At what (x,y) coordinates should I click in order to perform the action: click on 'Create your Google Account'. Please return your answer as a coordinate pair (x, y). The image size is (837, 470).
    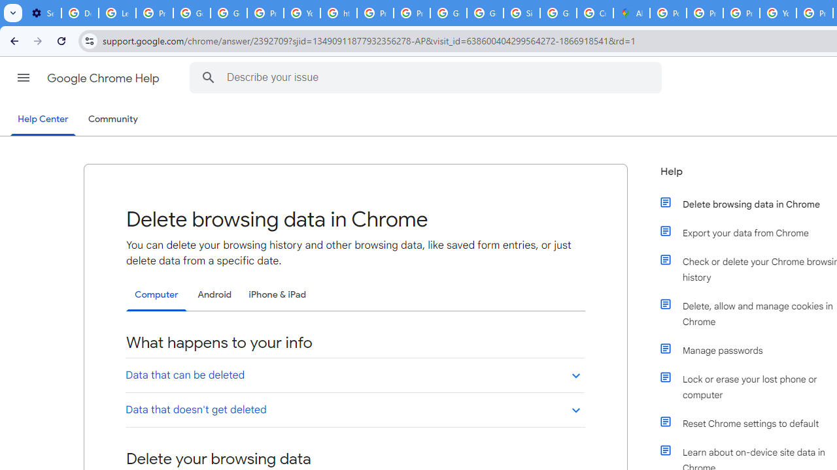
    Looking at the image, I should click on (594, 13).